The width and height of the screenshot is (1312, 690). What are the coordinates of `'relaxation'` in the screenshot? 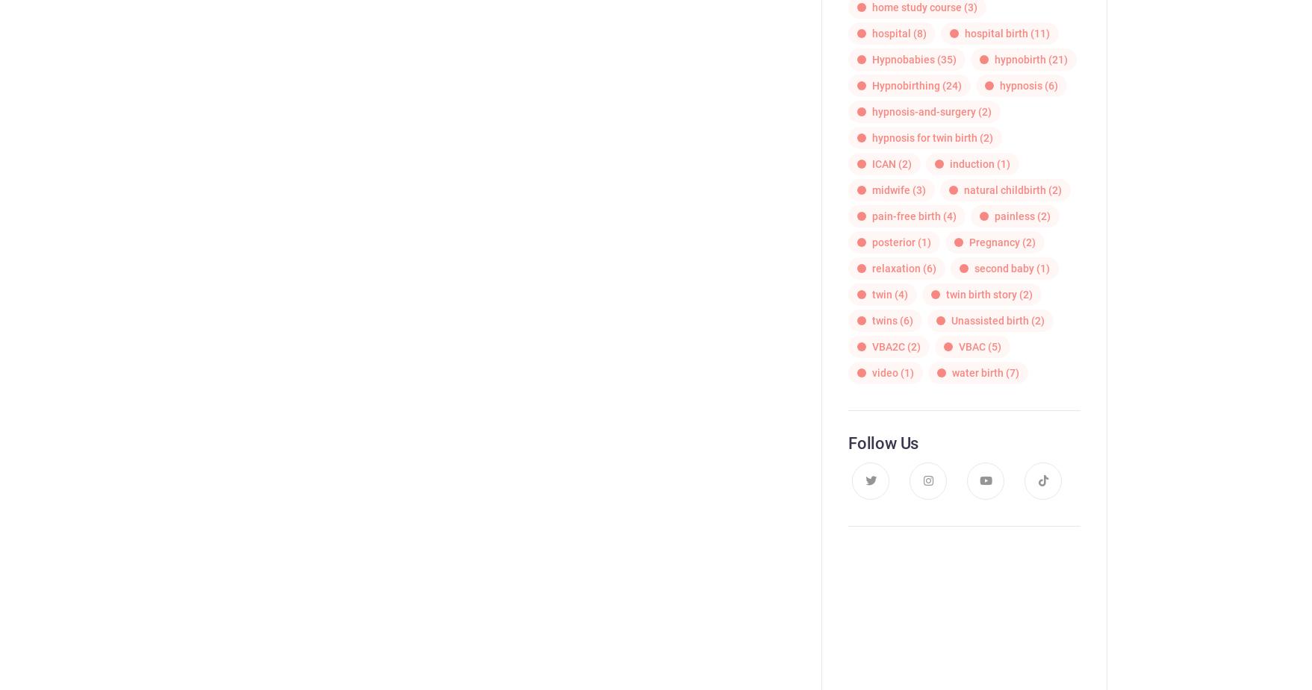 It's located at (895, 266).